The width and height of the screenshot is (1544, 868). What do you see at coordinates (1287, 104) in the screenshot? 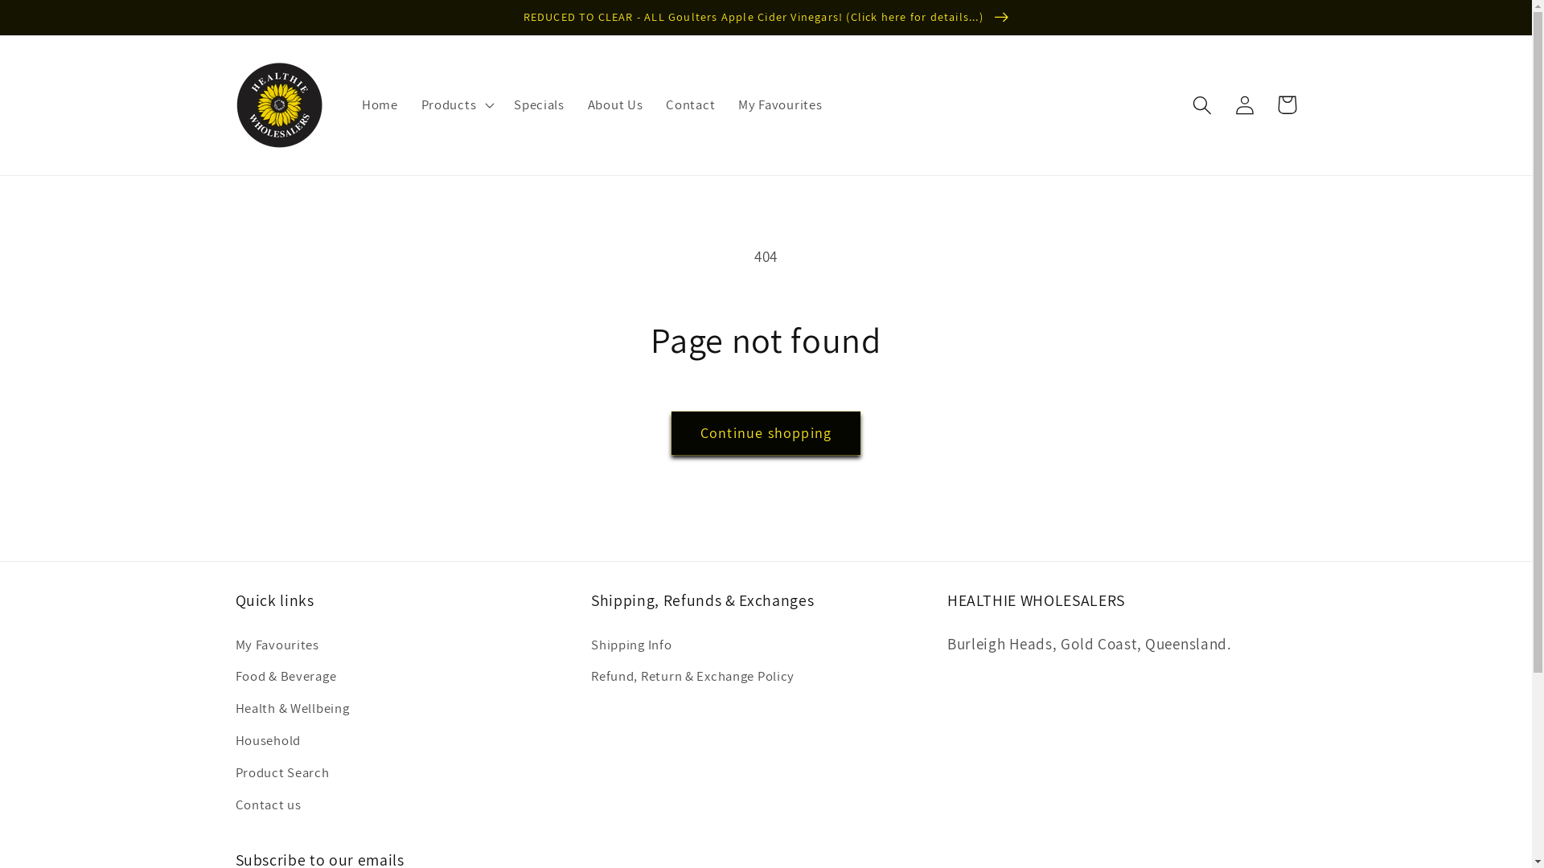
I see `'Cart'` at bounding box center [1287, 104].